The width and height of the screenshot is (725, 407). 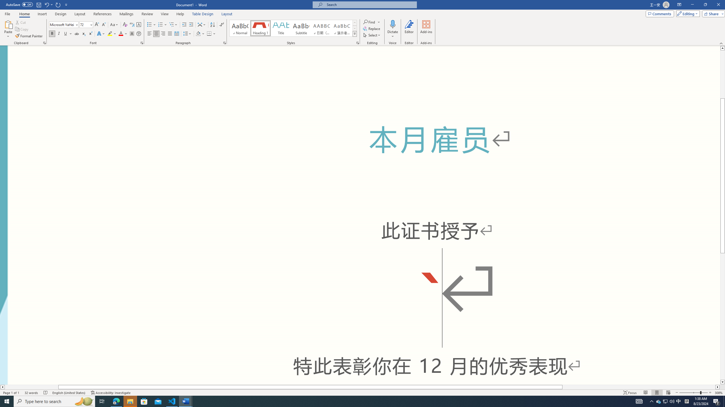 I want to click on 'Close', so click(x=718, y=5).